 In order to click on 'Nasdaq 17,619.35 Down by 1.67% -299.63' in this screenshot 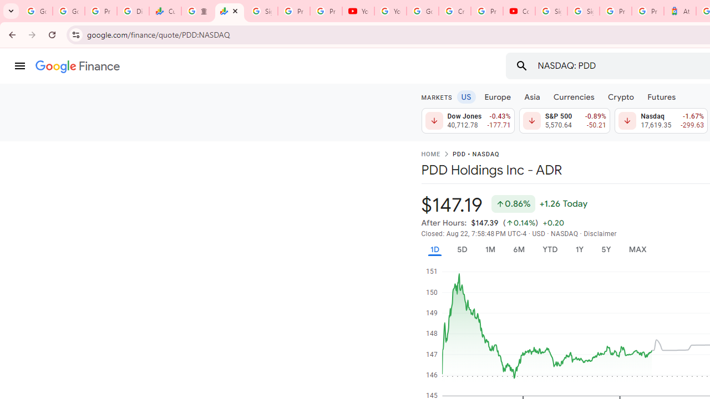, I will do `click(661, 121)`.